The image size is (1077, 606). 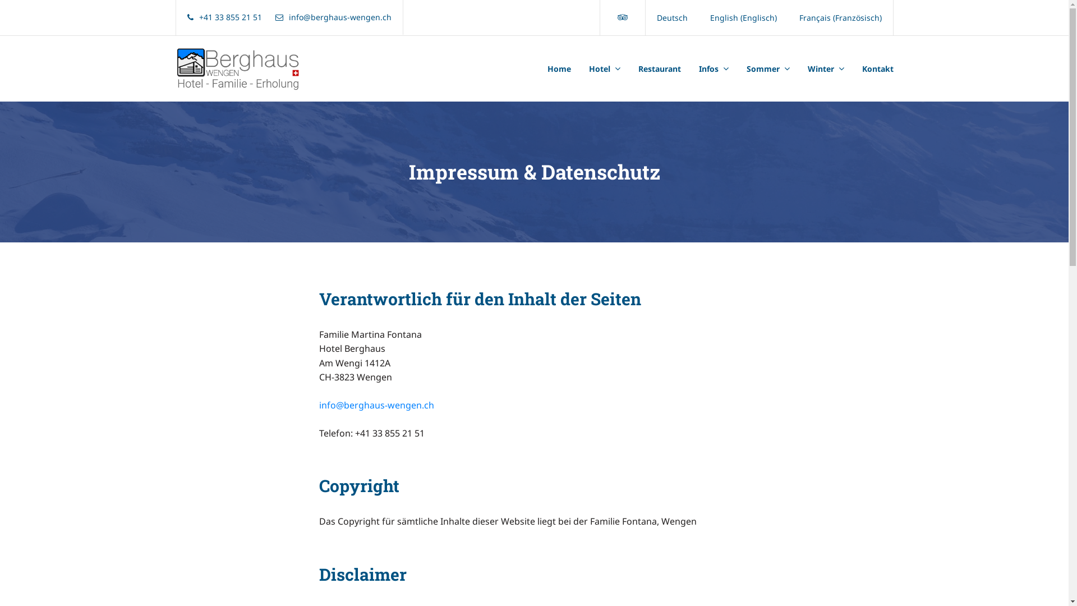 What do you see at coordinates (332, 17) in the screenshot?
I see `'info@berghaus-wengen.ch'` at bounding box center [332, 17].